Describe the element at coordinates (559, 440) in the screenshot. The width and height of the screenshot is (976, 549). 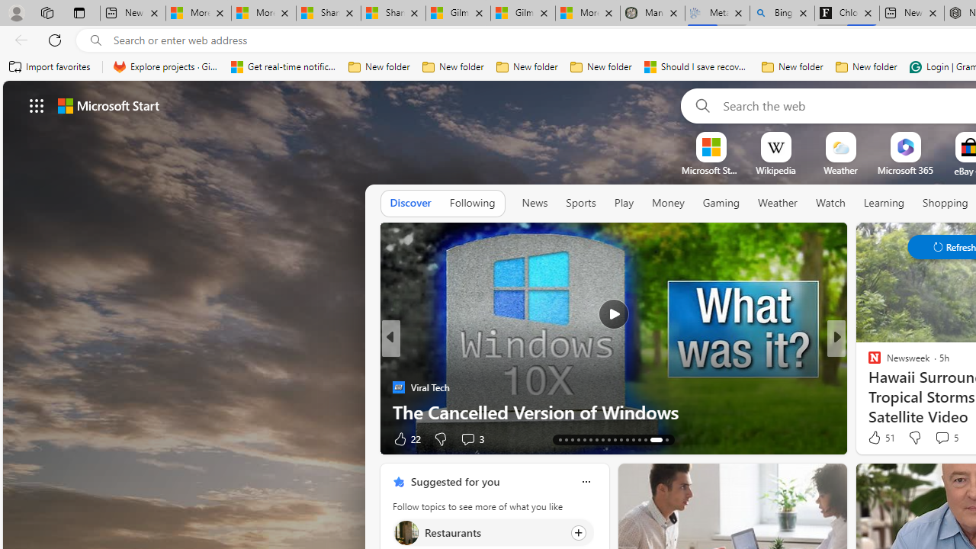
I see `'AutomationID: tab-17'` at that location.